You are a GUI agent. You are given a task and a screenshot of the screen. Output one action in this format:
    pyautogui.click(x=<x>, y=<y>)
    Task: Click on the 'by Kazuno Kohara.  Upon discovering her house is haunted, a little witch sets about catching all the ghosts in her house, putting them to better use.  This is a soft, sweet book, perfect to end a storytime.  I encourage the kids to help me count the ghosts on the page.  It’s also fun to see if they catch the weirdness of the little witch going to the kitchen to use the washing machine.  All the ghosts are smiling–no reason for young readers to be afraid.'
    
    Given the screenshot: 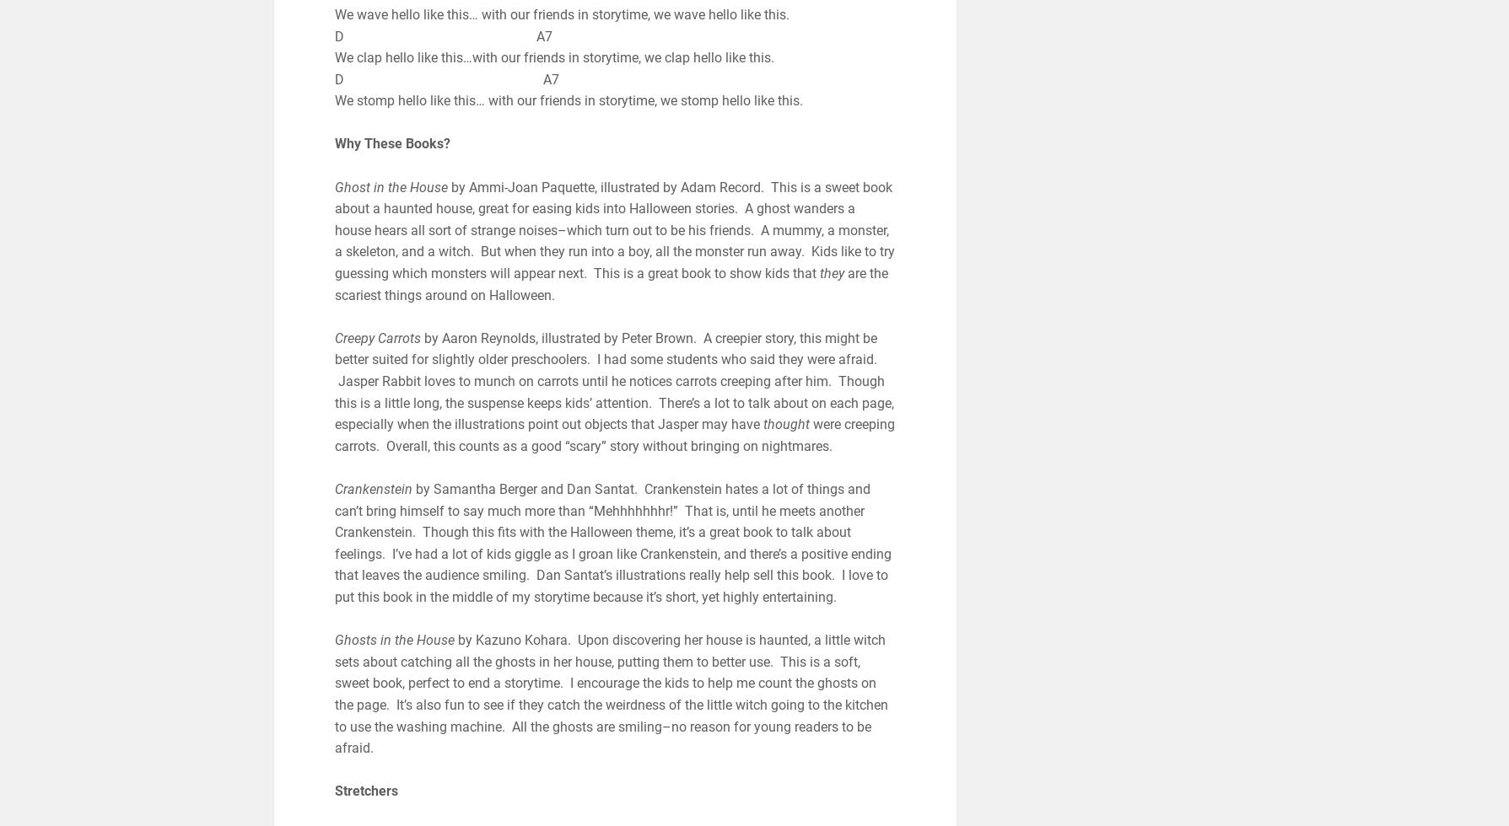 What is the action you would take?
    pyautogui.click(x=611, y=694)
    